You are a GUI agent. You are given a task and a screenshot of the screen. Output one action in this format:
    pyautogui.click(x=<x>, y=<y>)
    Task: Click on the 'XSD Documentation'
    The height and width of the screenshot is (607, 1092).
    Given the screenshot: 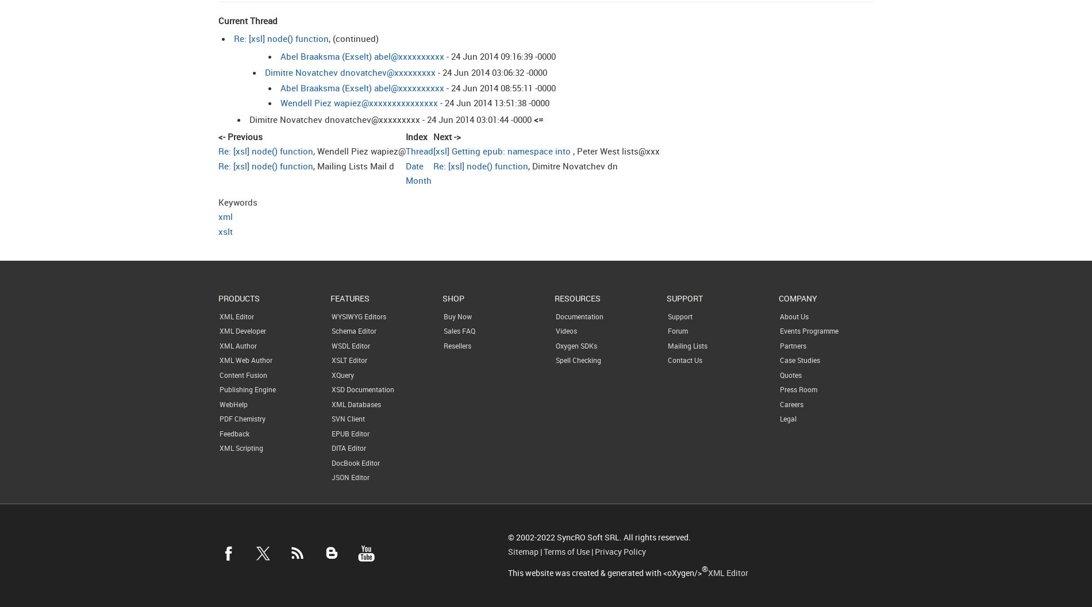 What is the action you would take?
    pyautogui.click(x=363, y=389)
    